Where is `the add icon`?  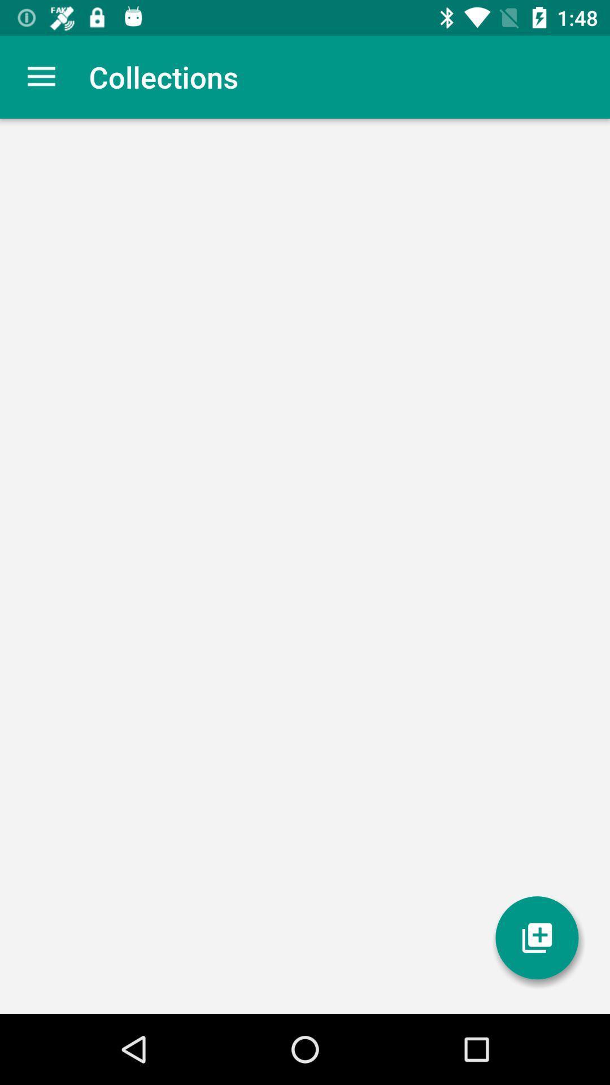 the add icon is located at coordinates (537, 938).